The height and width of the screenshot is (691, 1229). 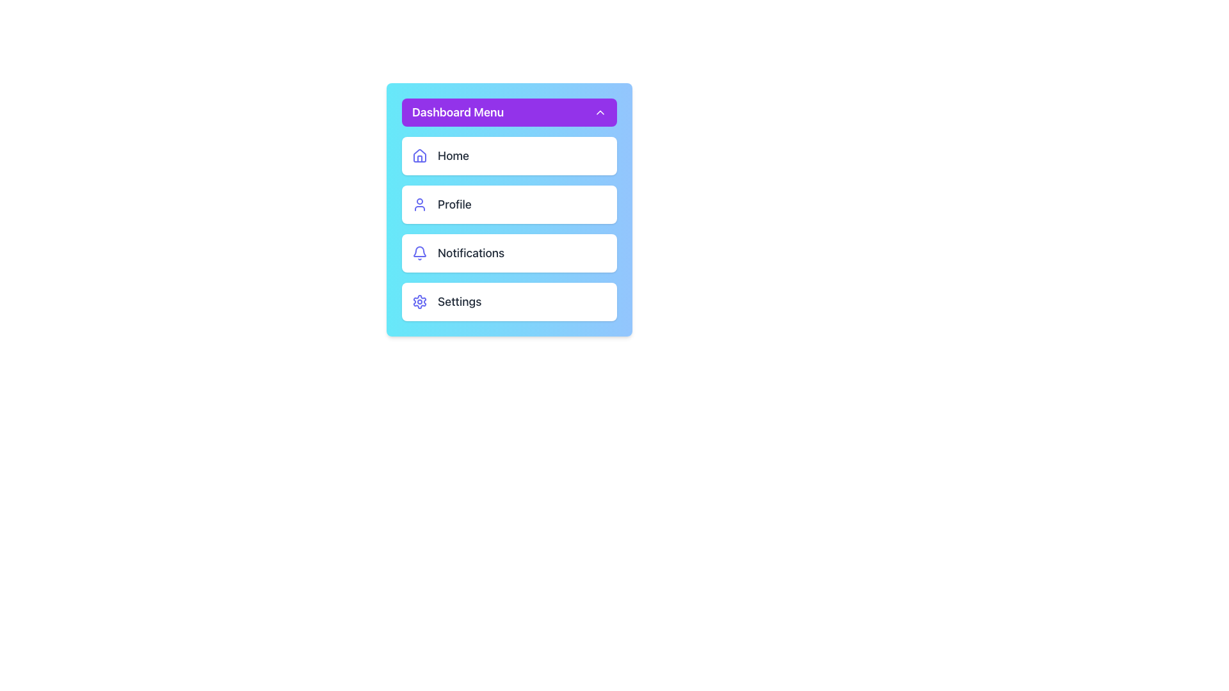 I want to click on the 'Settings' static text label, which is styled with gray color and a large medium-weight font, located at the bottom of a vertical navigation menu, so click(x=460, y=301).